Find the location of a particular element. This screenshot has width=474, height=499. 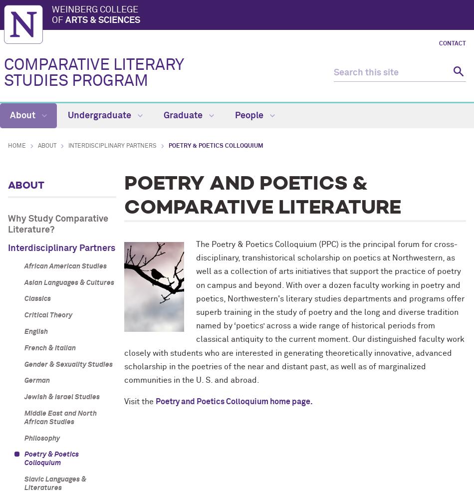

'People' is located at coordinates (250, 115).